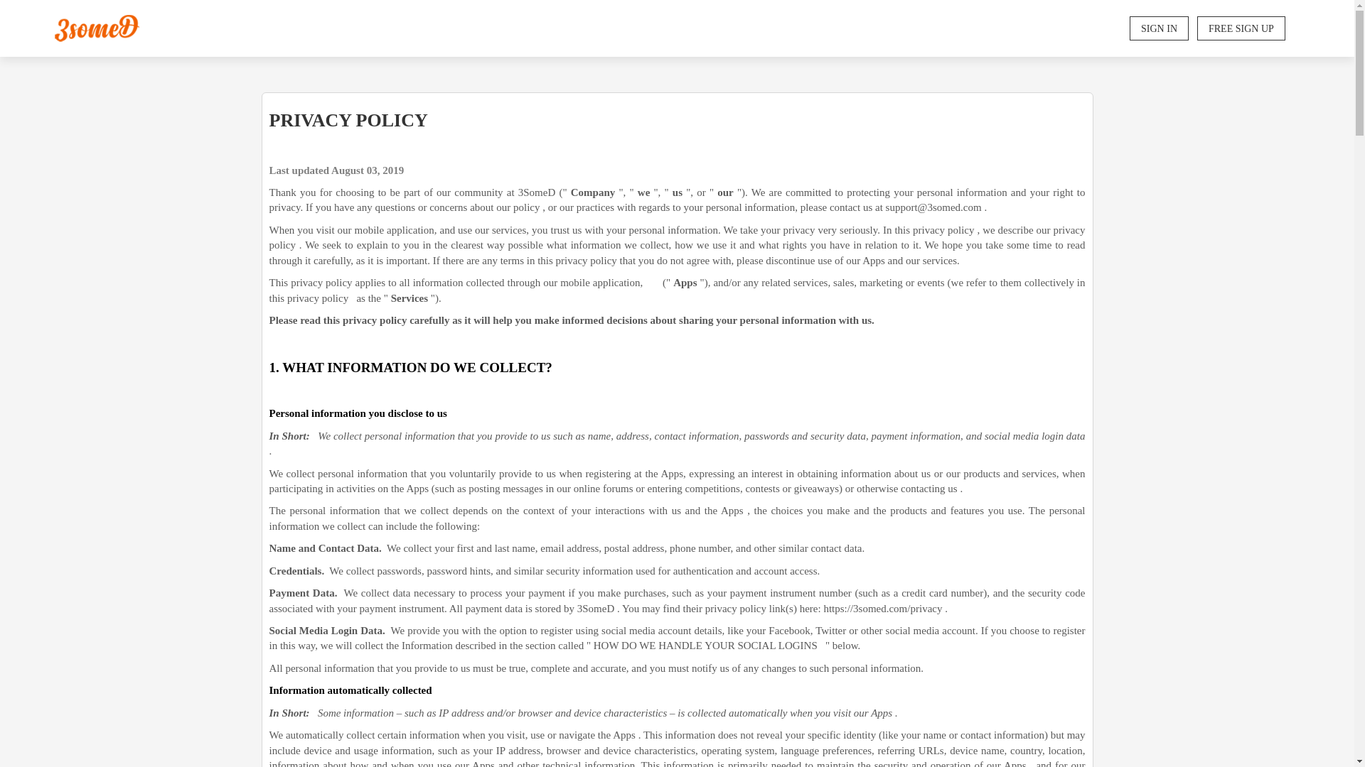 The width and height of the screenshot is (1365, 767). What do you see at coordinates (1159, 28) in the screenshot?
I see `'SIGN IN'` at bounding box center [1159, 28].